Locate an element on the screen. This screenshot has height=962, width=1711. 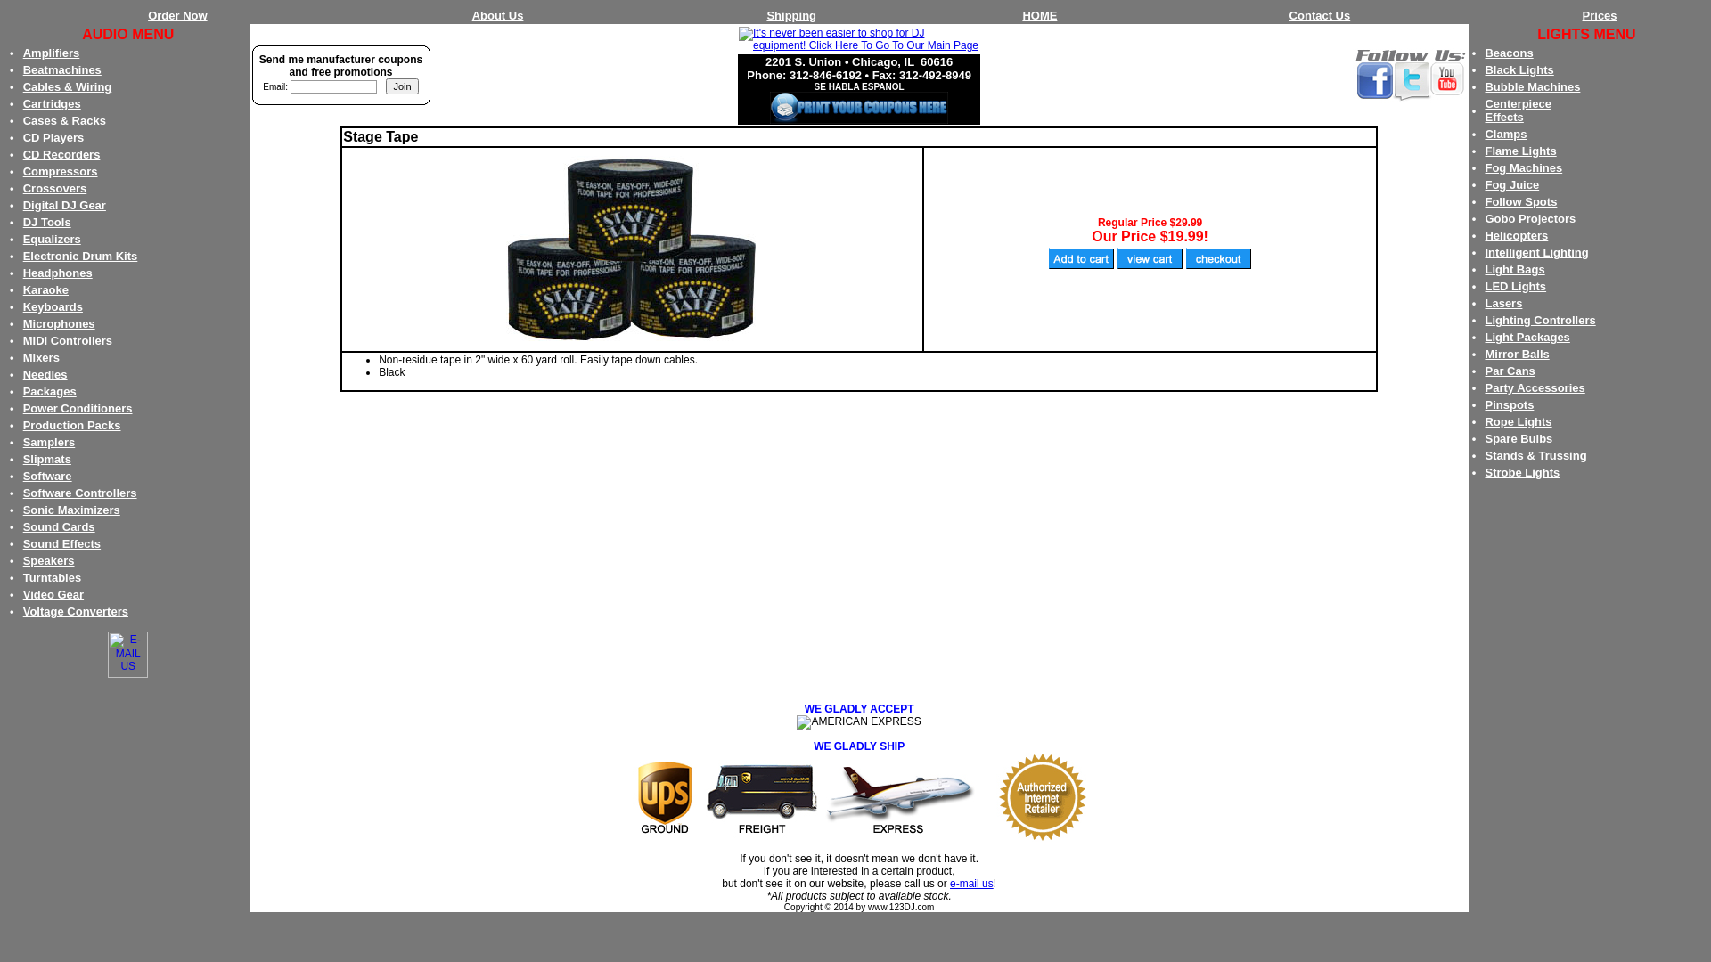
'Voltage Converters' is located at coordinates (75, 610).